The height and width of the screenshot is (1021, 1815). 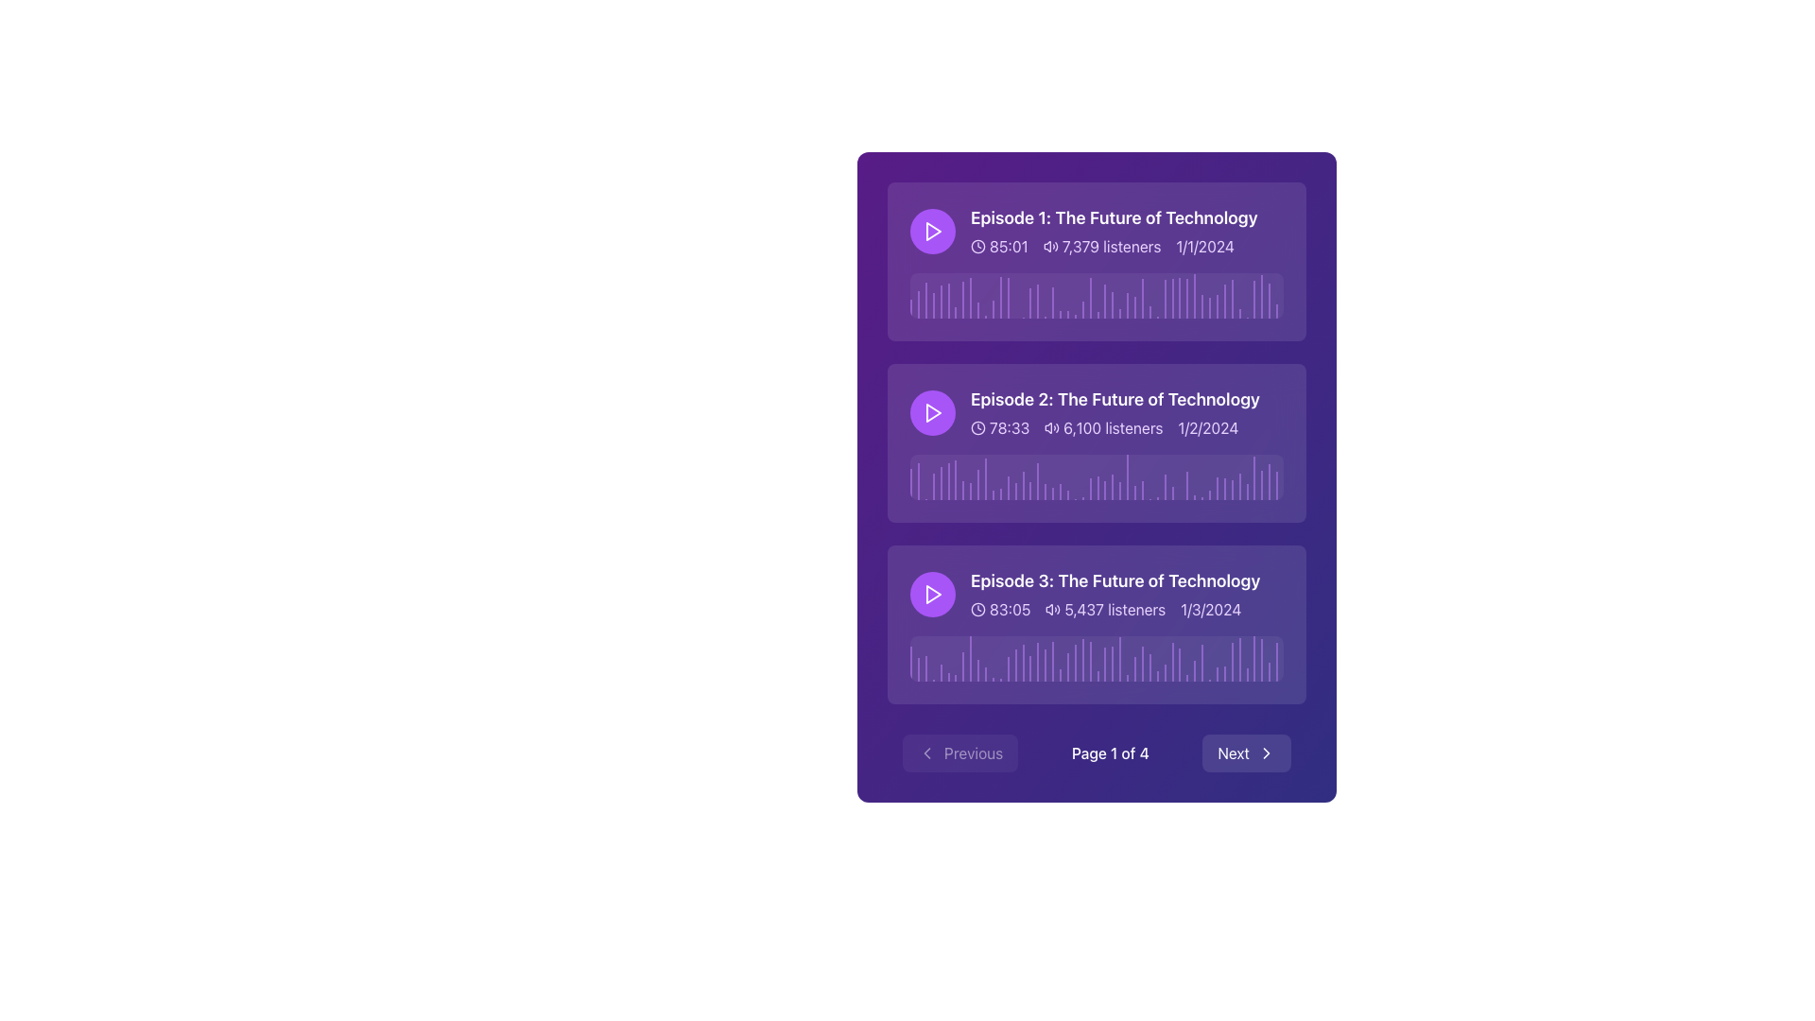 What do you see at coordinates (948, 300) in the screenshot?
I see `the vertical purple bar decorative visual indicator located in the waveform display of the first list item in the audio episodes panel` at bounding box center [948, 300].